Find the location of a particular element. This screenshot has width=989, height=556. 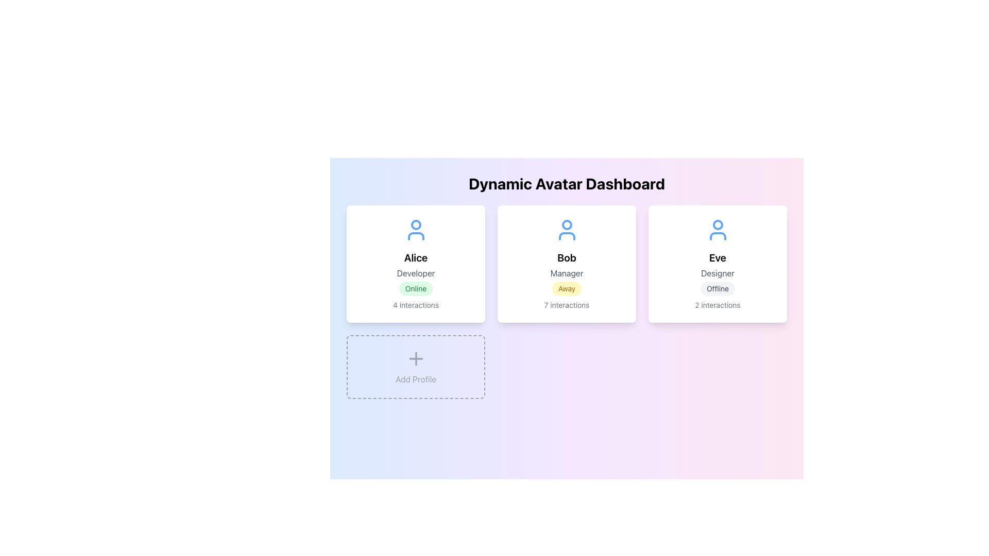

the lower part of the user icon illustration for 'Alice' within the SVG graphic is located at coordinates (416, 236).